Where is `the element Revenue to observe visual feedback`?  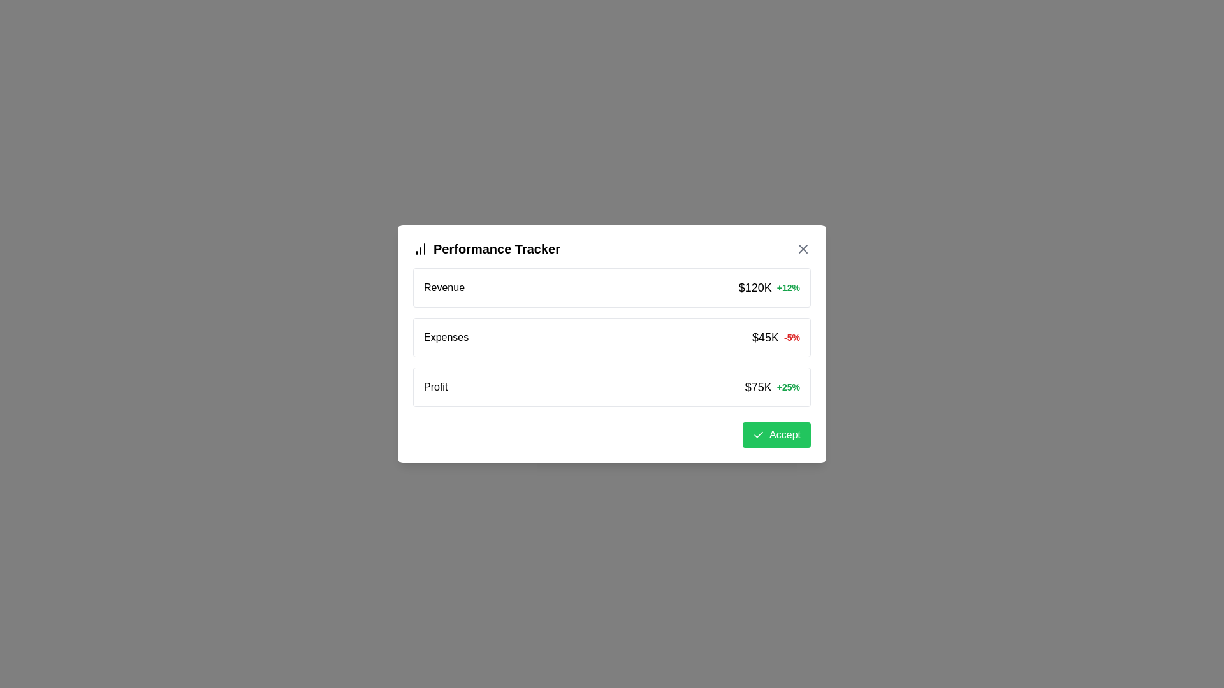 the element Revenue to observe visual feedback is located at coordinates (612, 287).